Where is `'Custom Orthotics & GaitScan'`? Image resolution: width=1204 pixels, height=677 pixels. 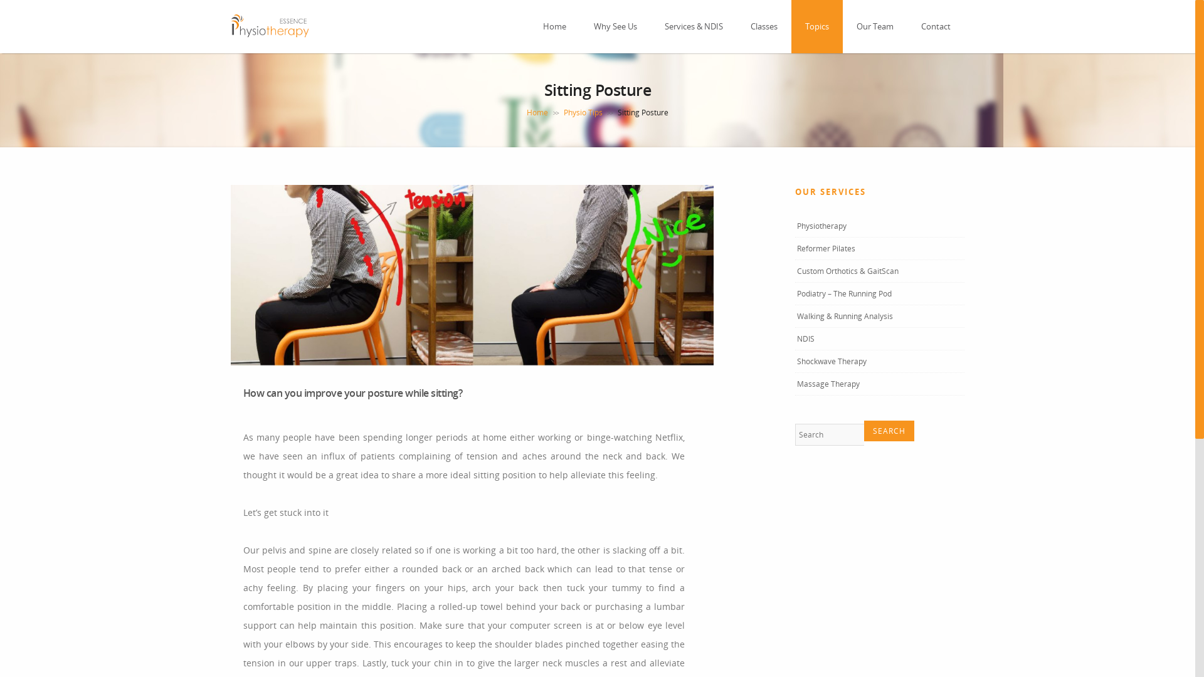 'Custom Orthotics & GaitScan' is located at coordinates (848, 270).